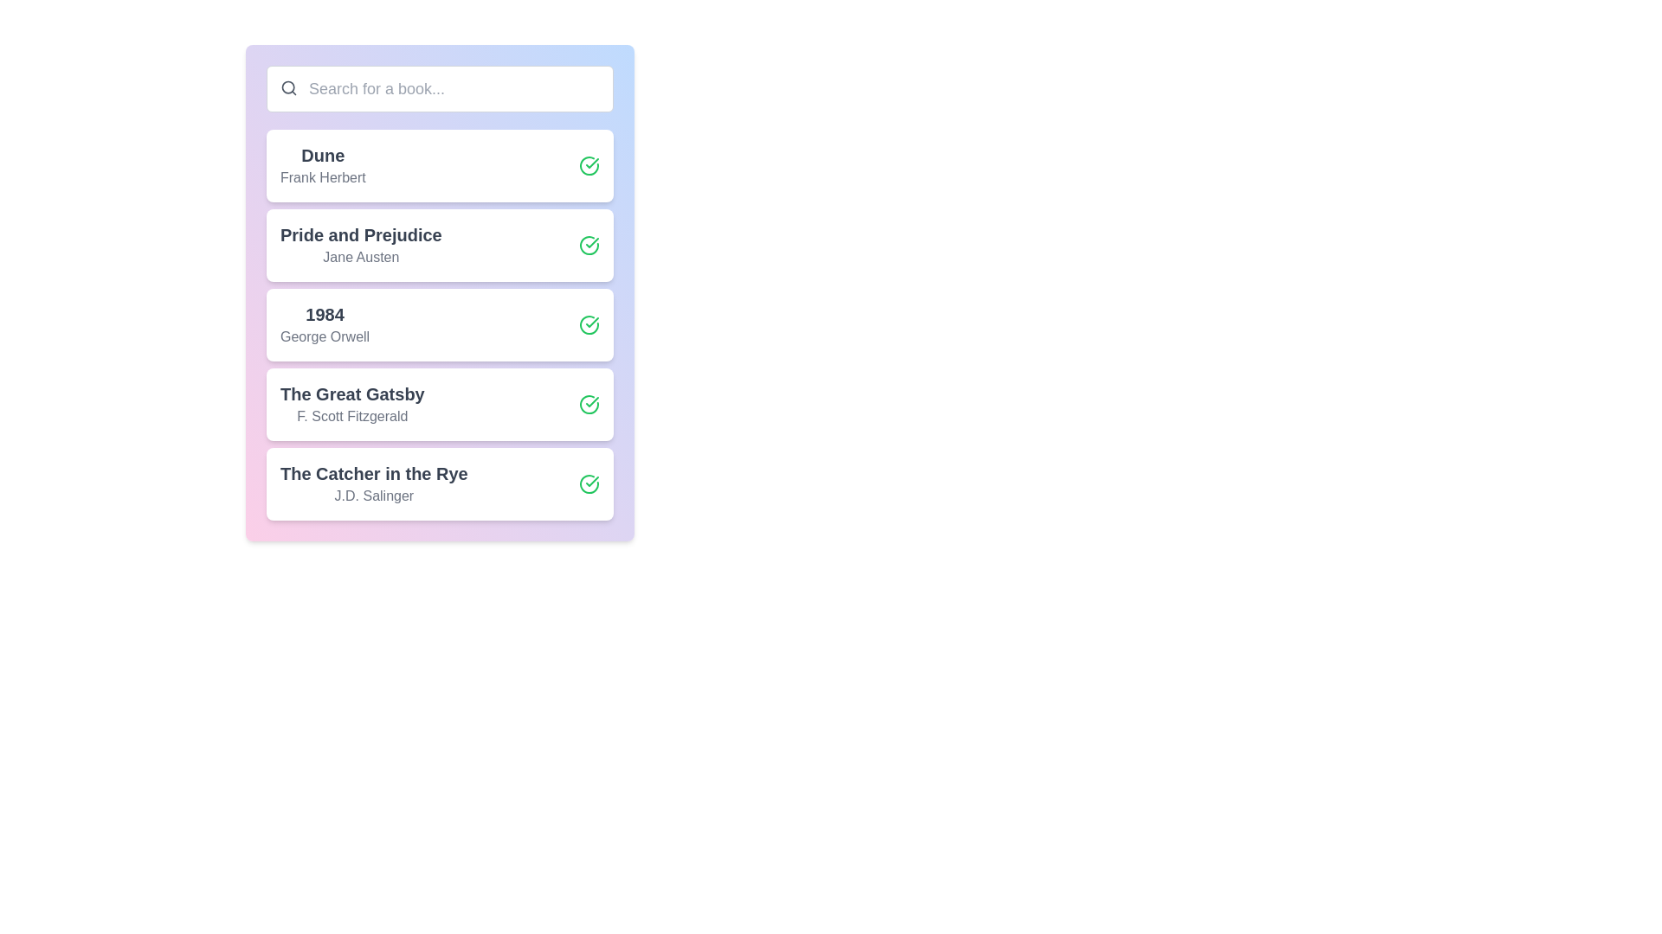  I want to click on the text element 'The Catcher in the Rye', which is styled in bold, large font and dark gray color, positioned above the author name 'J.D. Salinger' in a vertical list of books, so click(373, 473).